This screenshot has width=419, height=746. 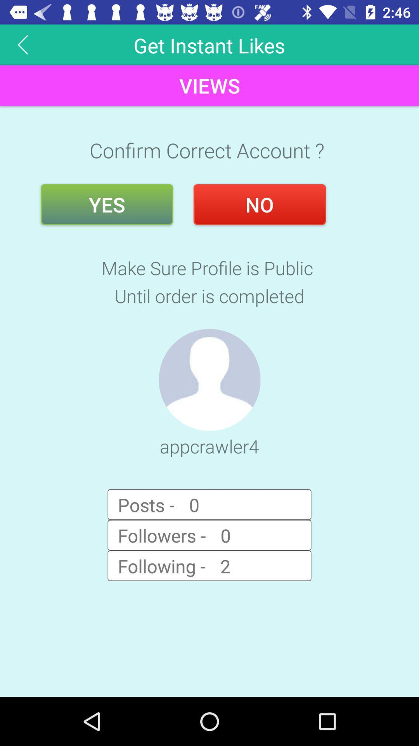 What do you see at coordinates (209, 85) in the screenshot?
I see `the views` at bounding box center [209, 85].